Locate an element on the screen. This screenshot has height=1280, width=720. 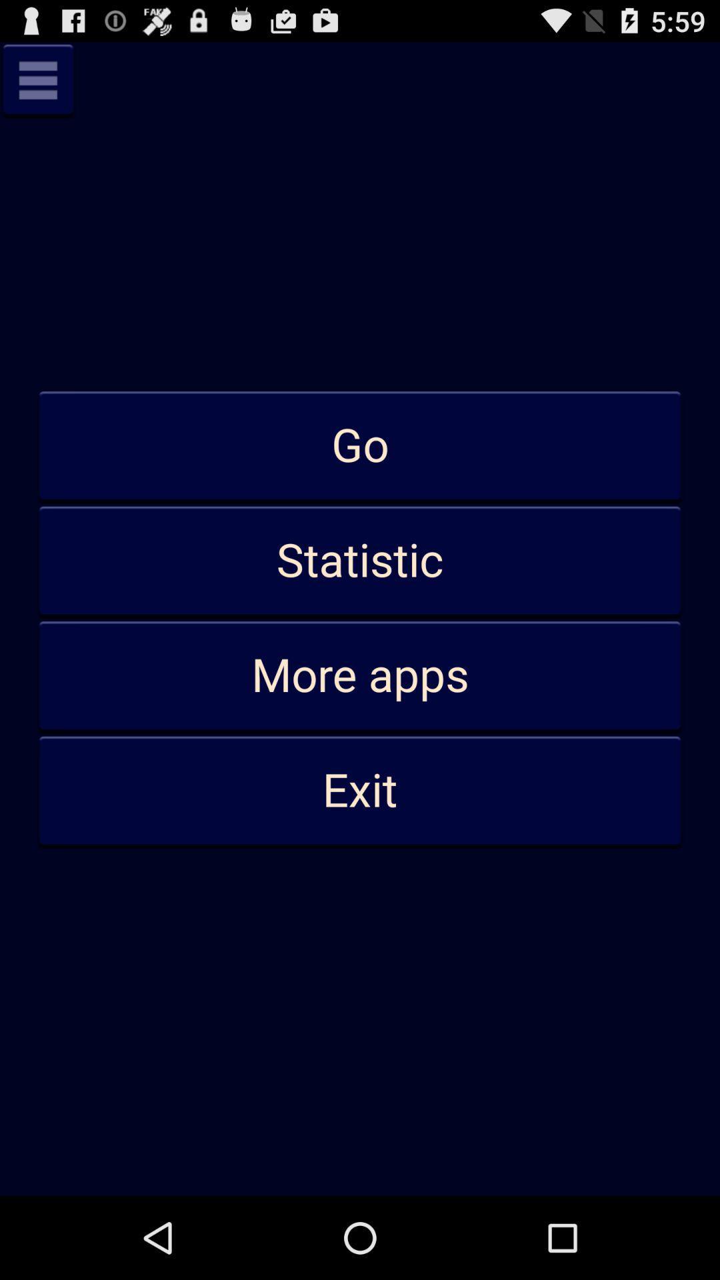
show menu is located at coordinates (37, 79).